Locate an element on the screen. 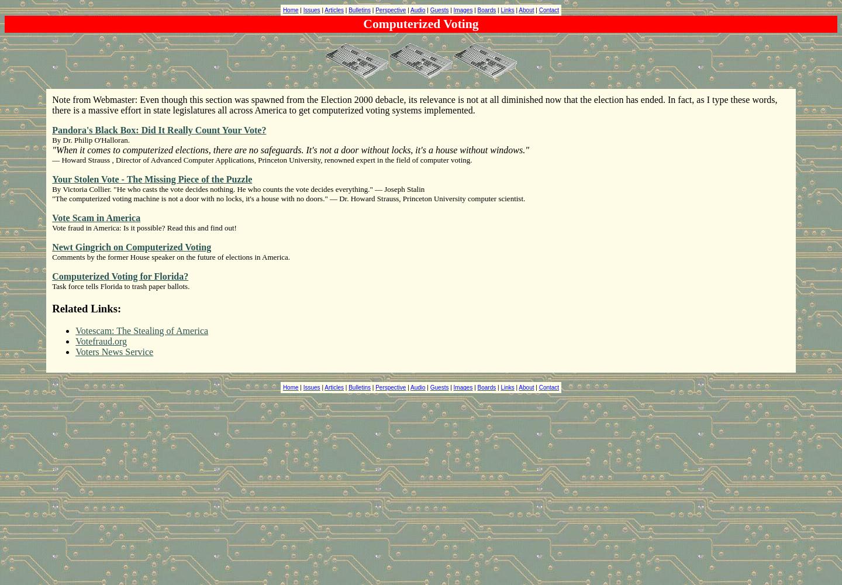 Image resolution: width=842 pixels, height=585 pixels. 'Task force tells Florida to trash paper
	ballots.' is located at coordinates (120, 285).